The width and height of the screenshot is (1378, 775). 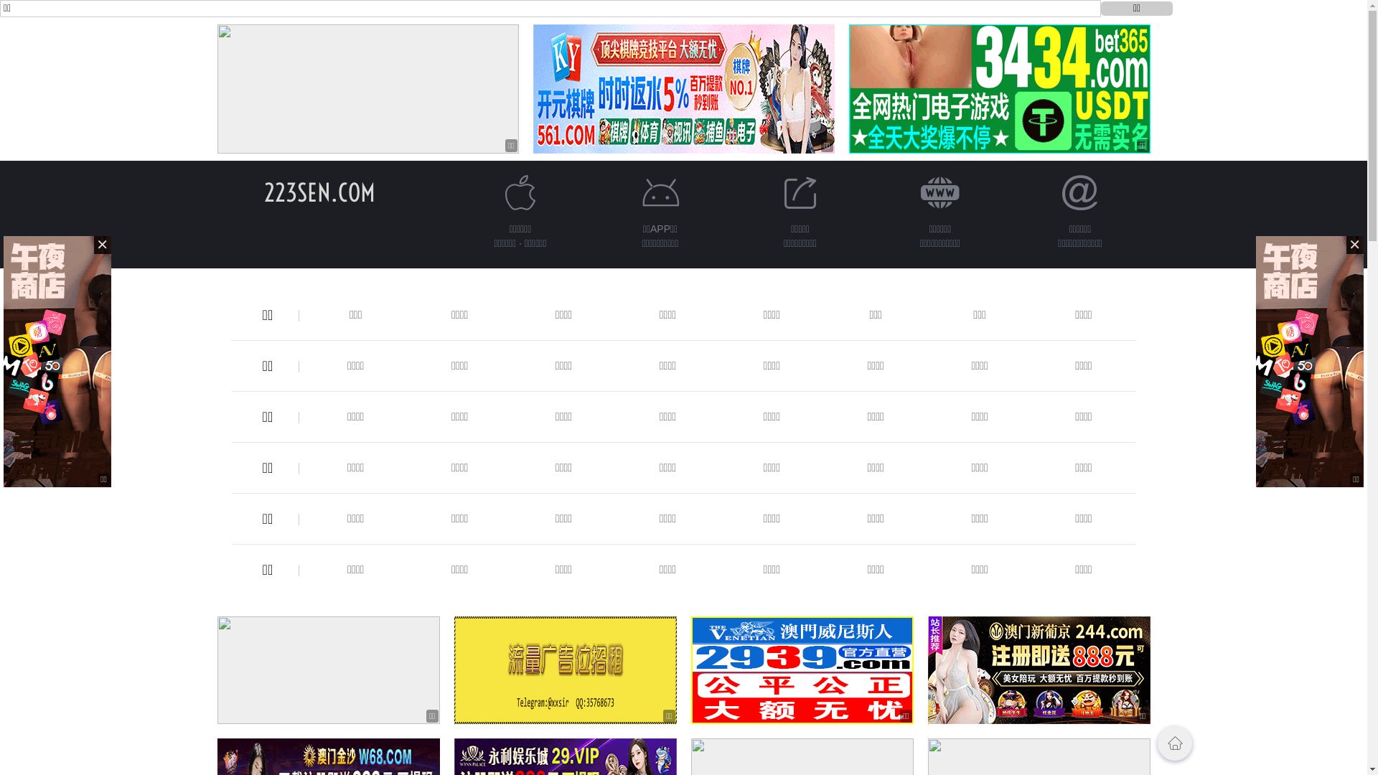 I want to click on '223SEN.COM', so click(x=319, y=192).